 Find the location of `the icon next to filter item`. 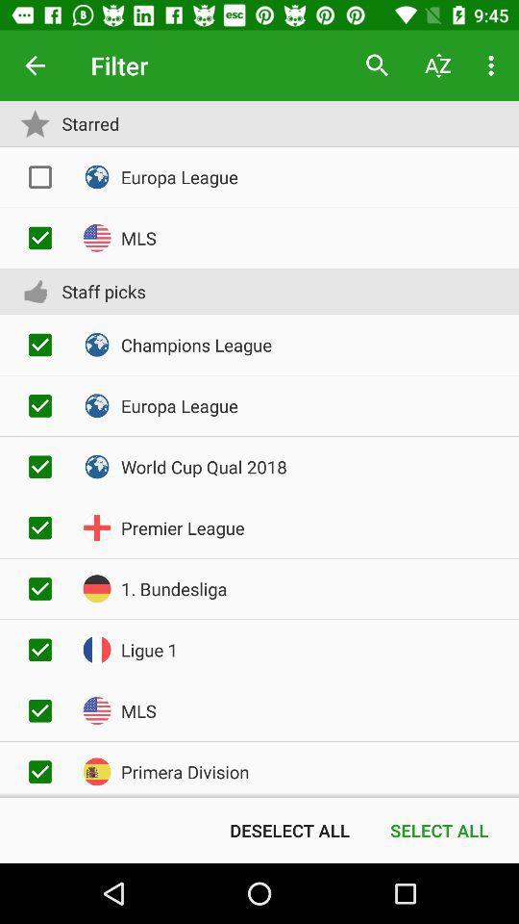

the icon next to filter item is located at coordinates (35, 65).